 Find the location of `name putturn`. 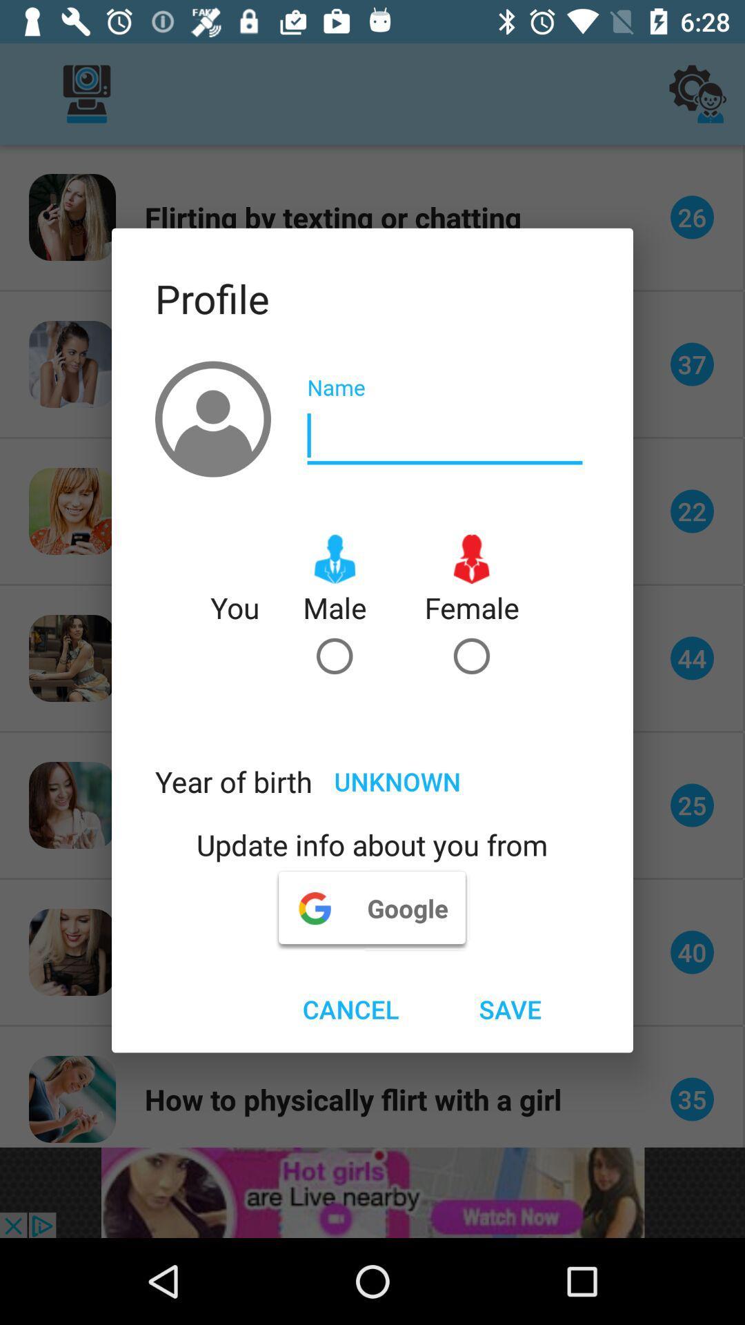

name putturn is located at coordinates (444, 435).